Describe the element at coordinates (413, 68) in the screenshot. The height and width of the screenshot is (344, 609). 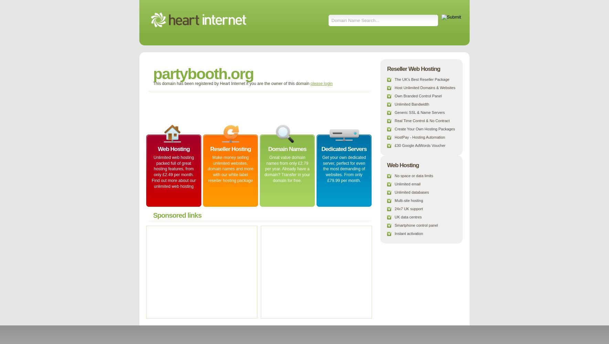
I see `'Reseller Web Hosting'` at that location.